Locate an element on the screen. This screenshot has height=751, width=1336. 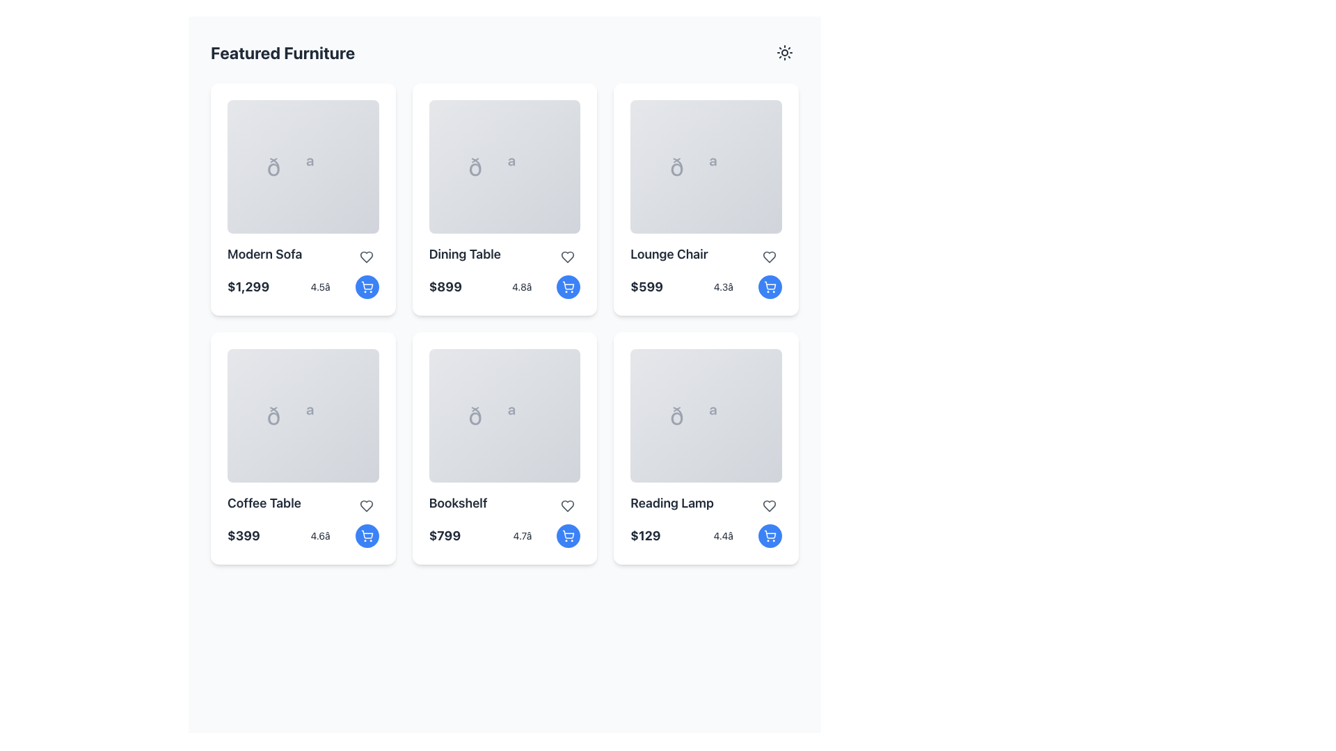
the Text label displaying the price of the featured 'Coffee Table' product, located at the bottom left of the card in the 'Featured Furniture' section is located at coordinates (244, 535).